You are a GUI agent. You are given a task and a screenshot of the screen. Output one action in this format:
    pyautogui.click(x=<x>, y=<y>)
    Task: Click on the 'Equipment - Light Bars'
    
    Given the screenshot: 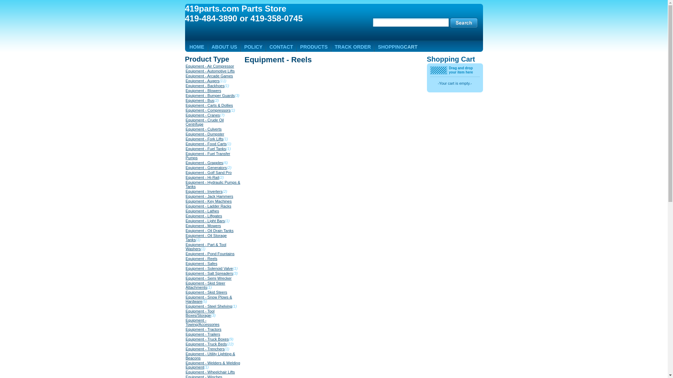 What is the action you would take?
    pyautogui.click(x=205, y=221)
    